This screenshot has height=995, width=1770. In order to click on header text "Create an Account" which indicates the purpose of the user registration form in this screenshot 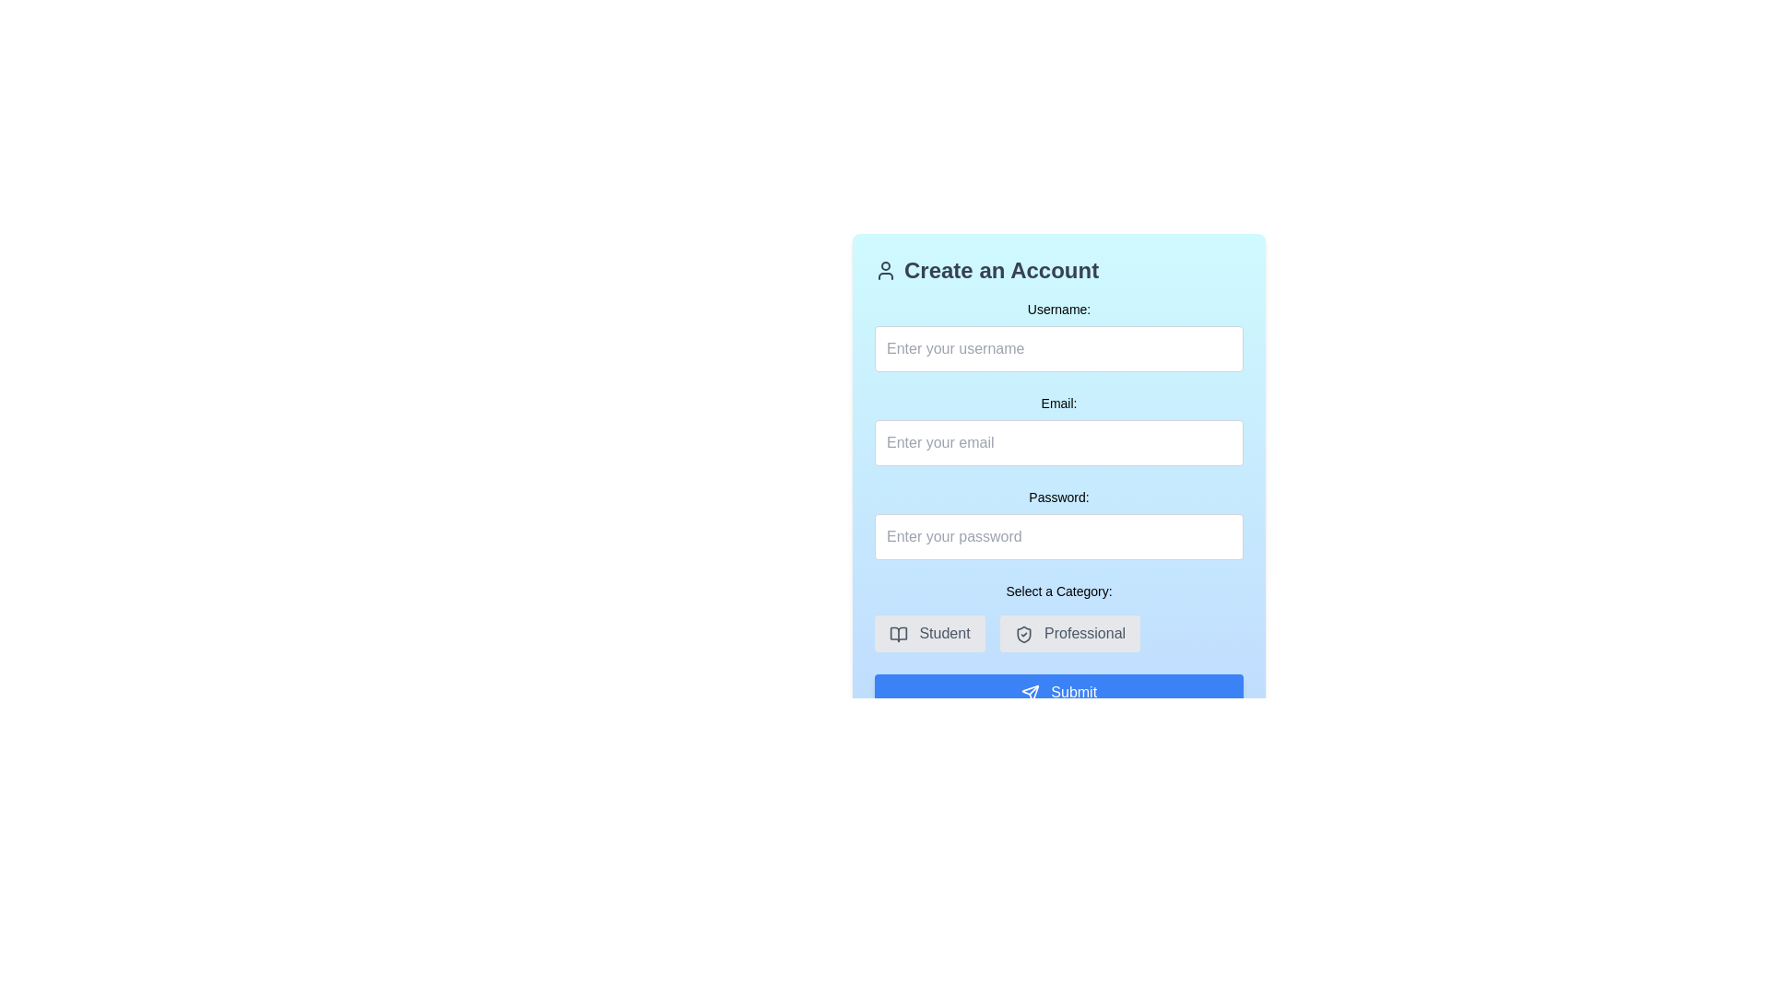, I will do `click(1058, 270)`.